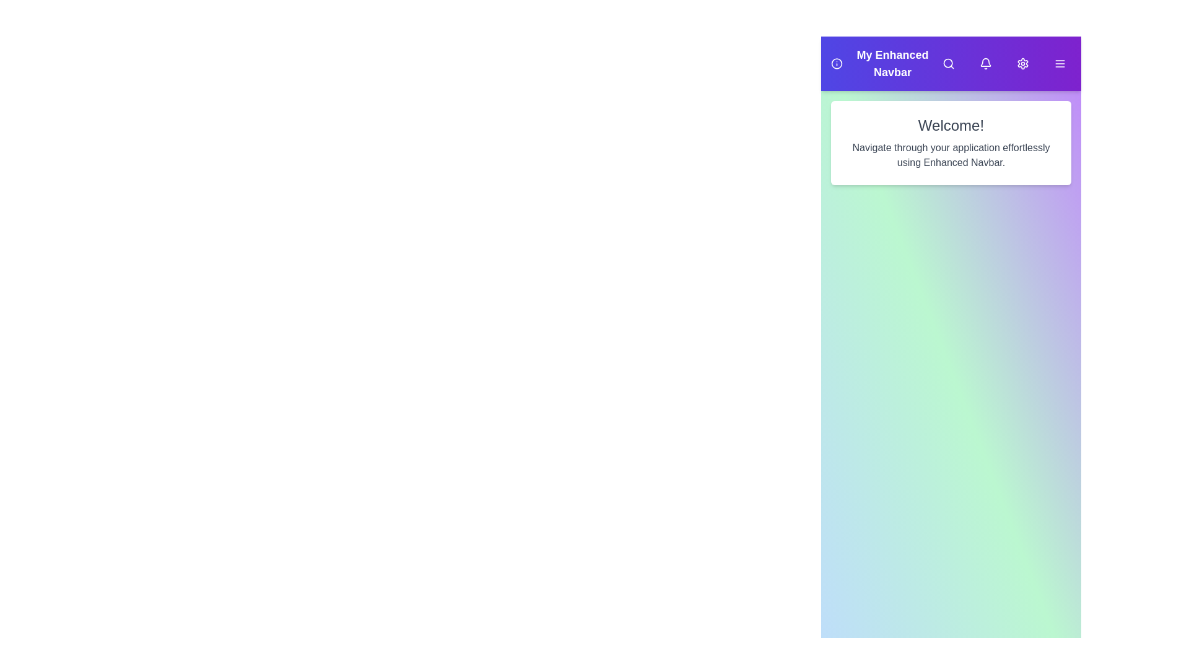 This screenshot has height=669, width=1189. Describe the element at coordinates (951, 154) in the screenshot. I see `the text 'Navigate through your application effortlessly using Enhanced Navbar.' in the component` at that location.